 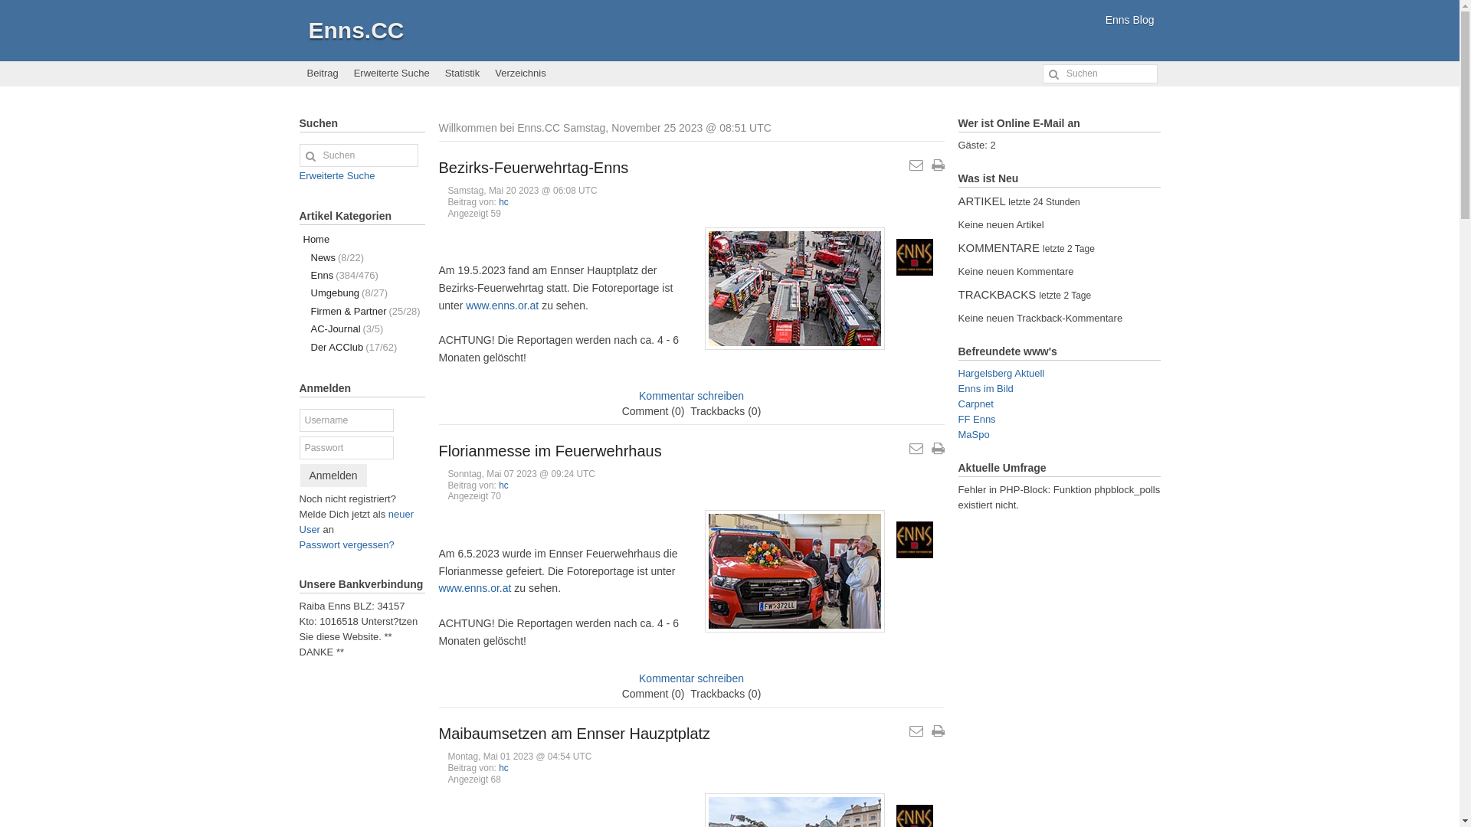 I want to click on 'www.enns.or.at', so click(x=473, y=587).